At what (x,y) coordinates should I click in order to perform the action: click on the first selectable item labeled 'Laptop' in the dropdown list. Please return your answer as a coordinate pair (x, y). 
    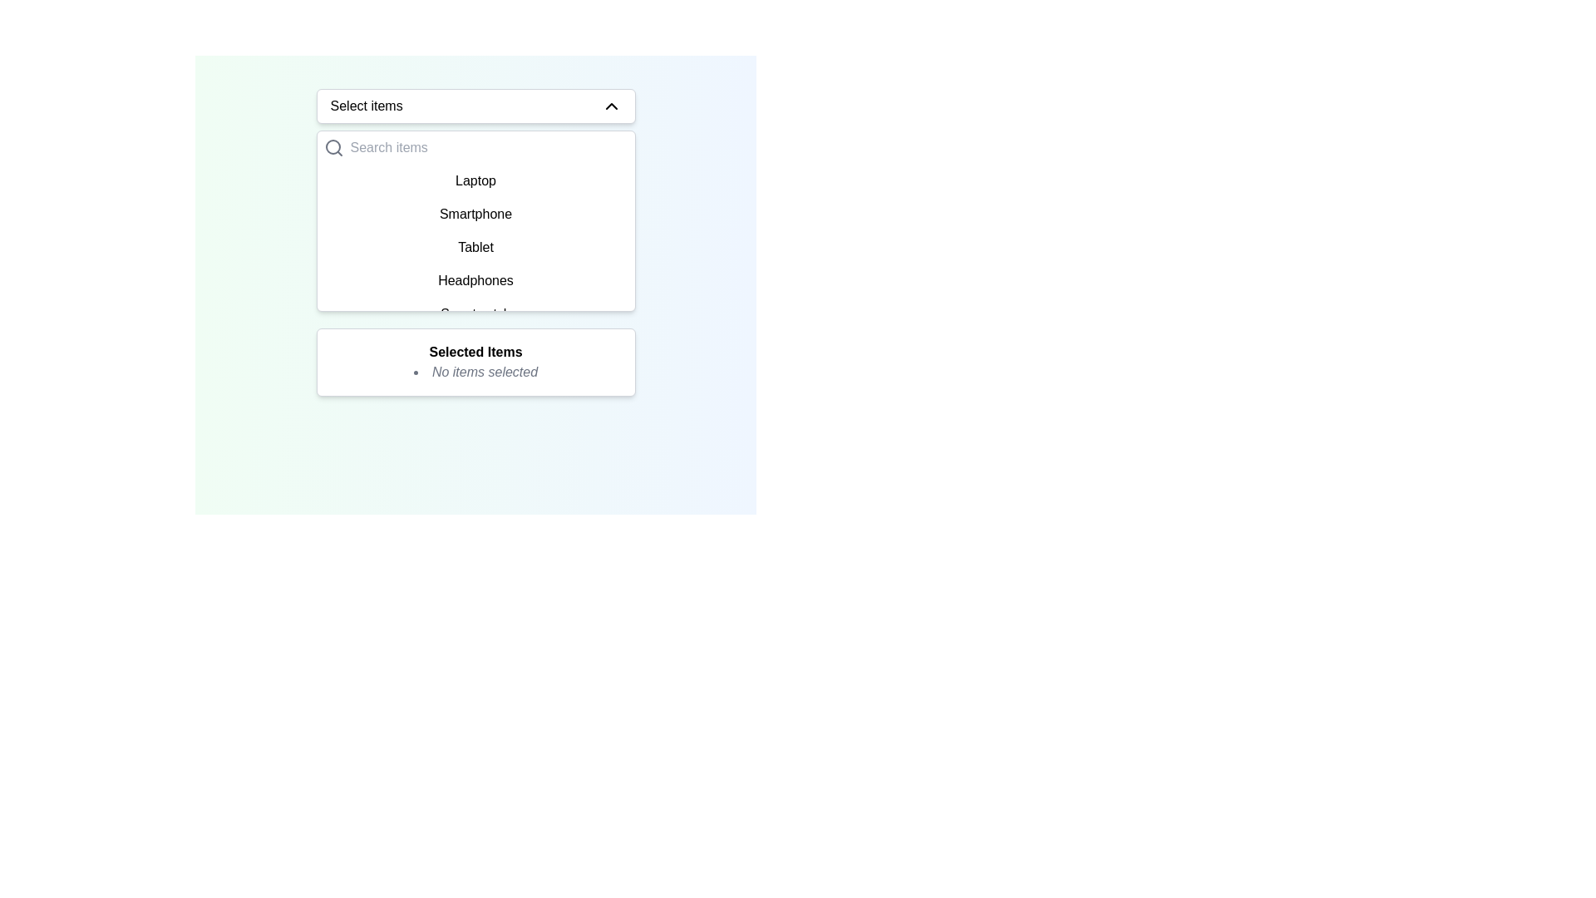
    Looking at the image, I should click on (475, 181).